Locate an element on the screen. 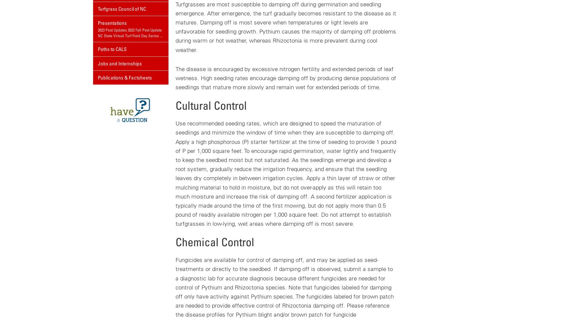 This screenshot has width=569, height=318. 'Collapse ▲' is located at coordinates (192, 39).